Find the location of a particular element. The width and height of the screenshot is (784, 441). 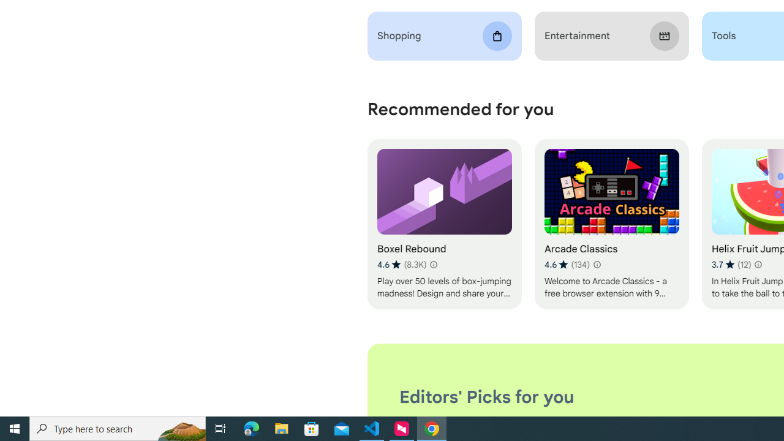

'Arcade Classics' is located at coordinates (611, 224).